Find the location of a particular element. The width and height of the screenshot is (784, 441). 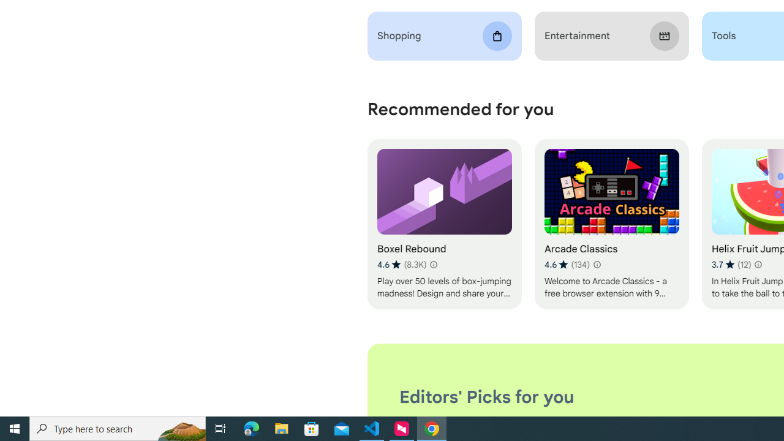

'Arcade Classics' is located at coordinates (611, 224).